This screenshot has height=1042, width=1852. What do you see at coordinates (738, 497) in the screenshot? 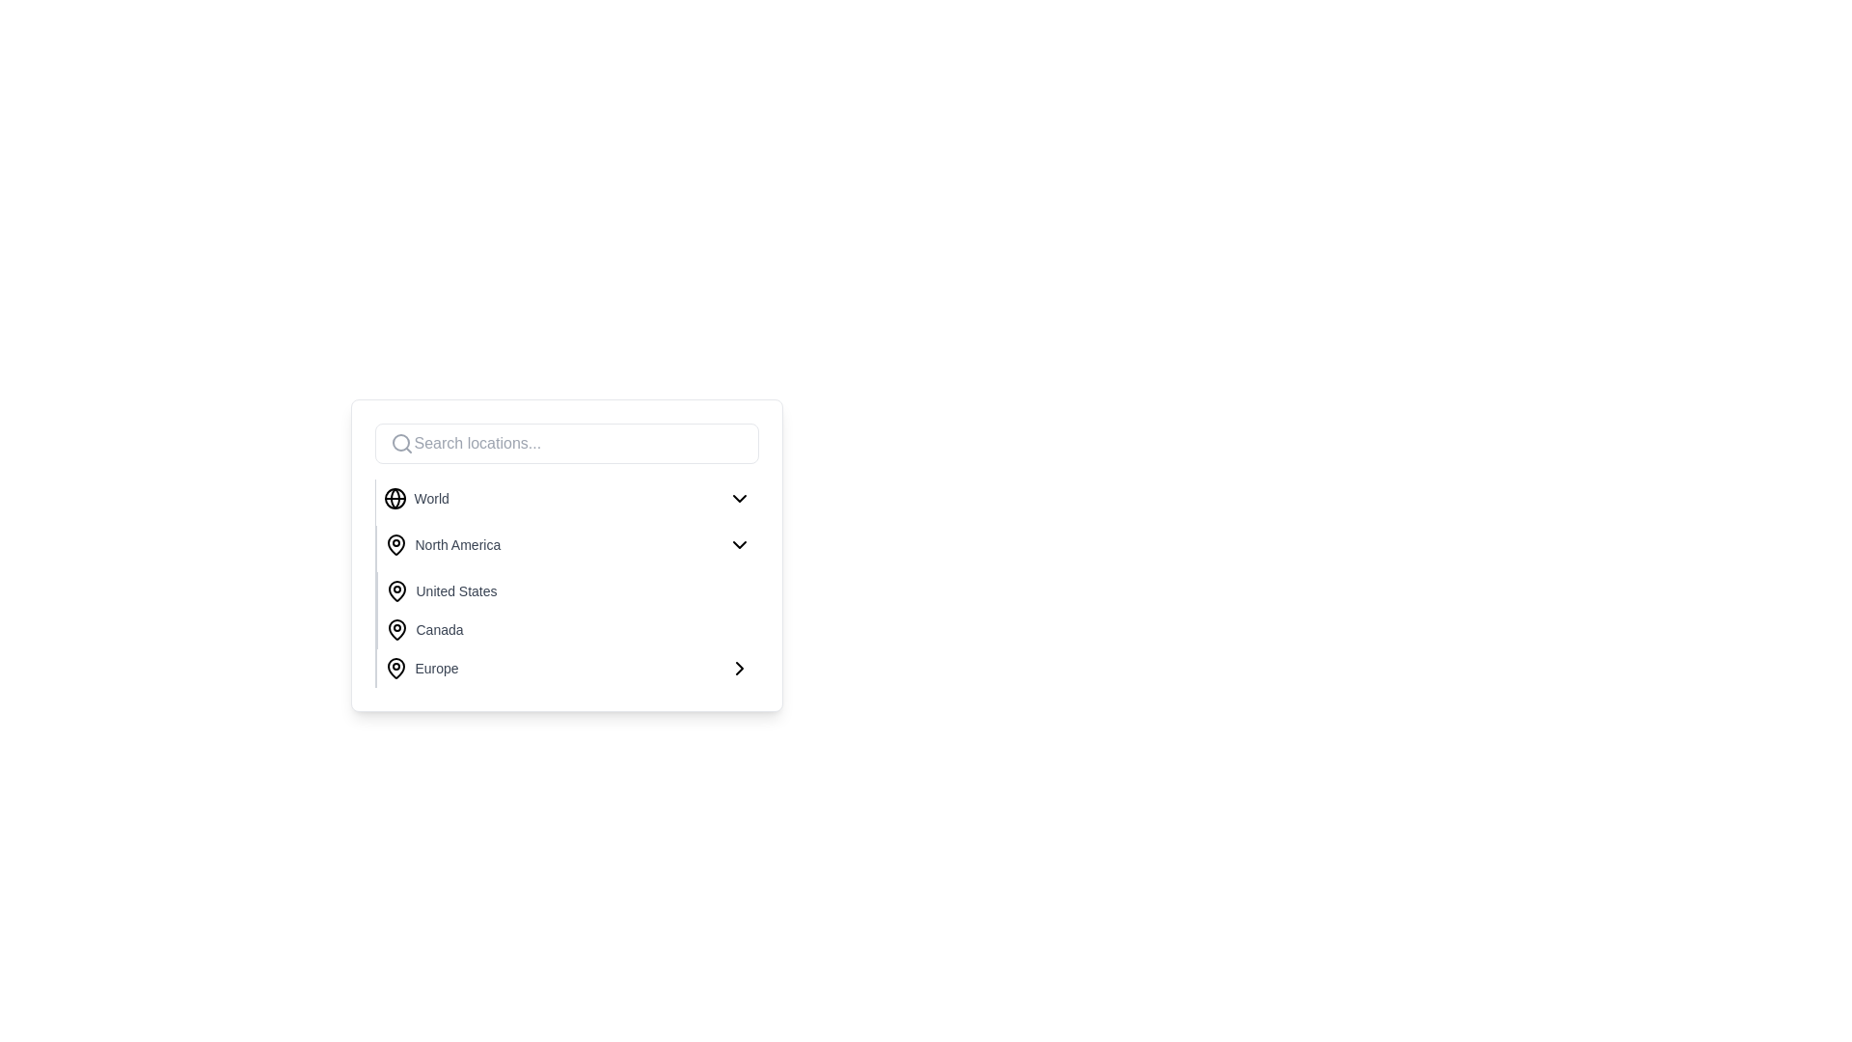
I see `the dropdown trigger icon located at the far right side of the 'World' row to provide potential visual feedback` at bounding box center [738, 497].